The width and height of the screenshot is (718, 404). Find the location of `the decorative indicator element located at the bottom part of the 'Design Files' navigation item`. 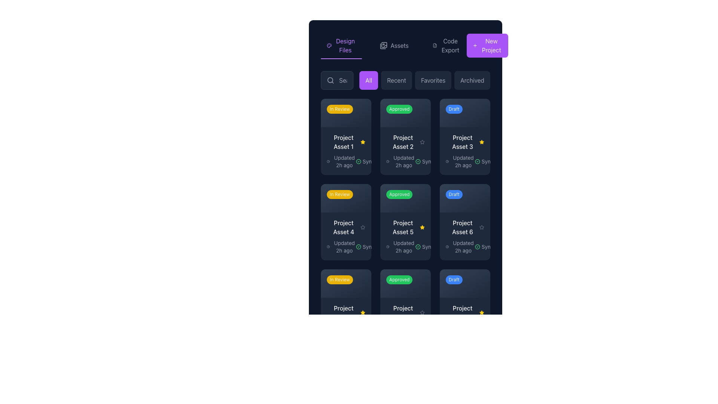

the decorative indicator element located at the bottom part of the 'Design Files' navigation item is located at coordinates (341, 58).